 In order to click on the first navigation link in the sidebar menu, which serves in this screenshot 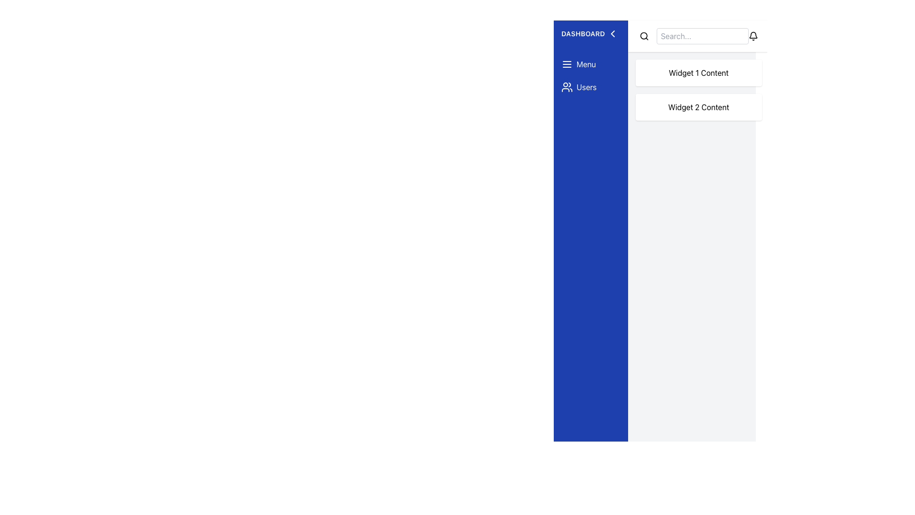, I will do `click(590, 64)`.